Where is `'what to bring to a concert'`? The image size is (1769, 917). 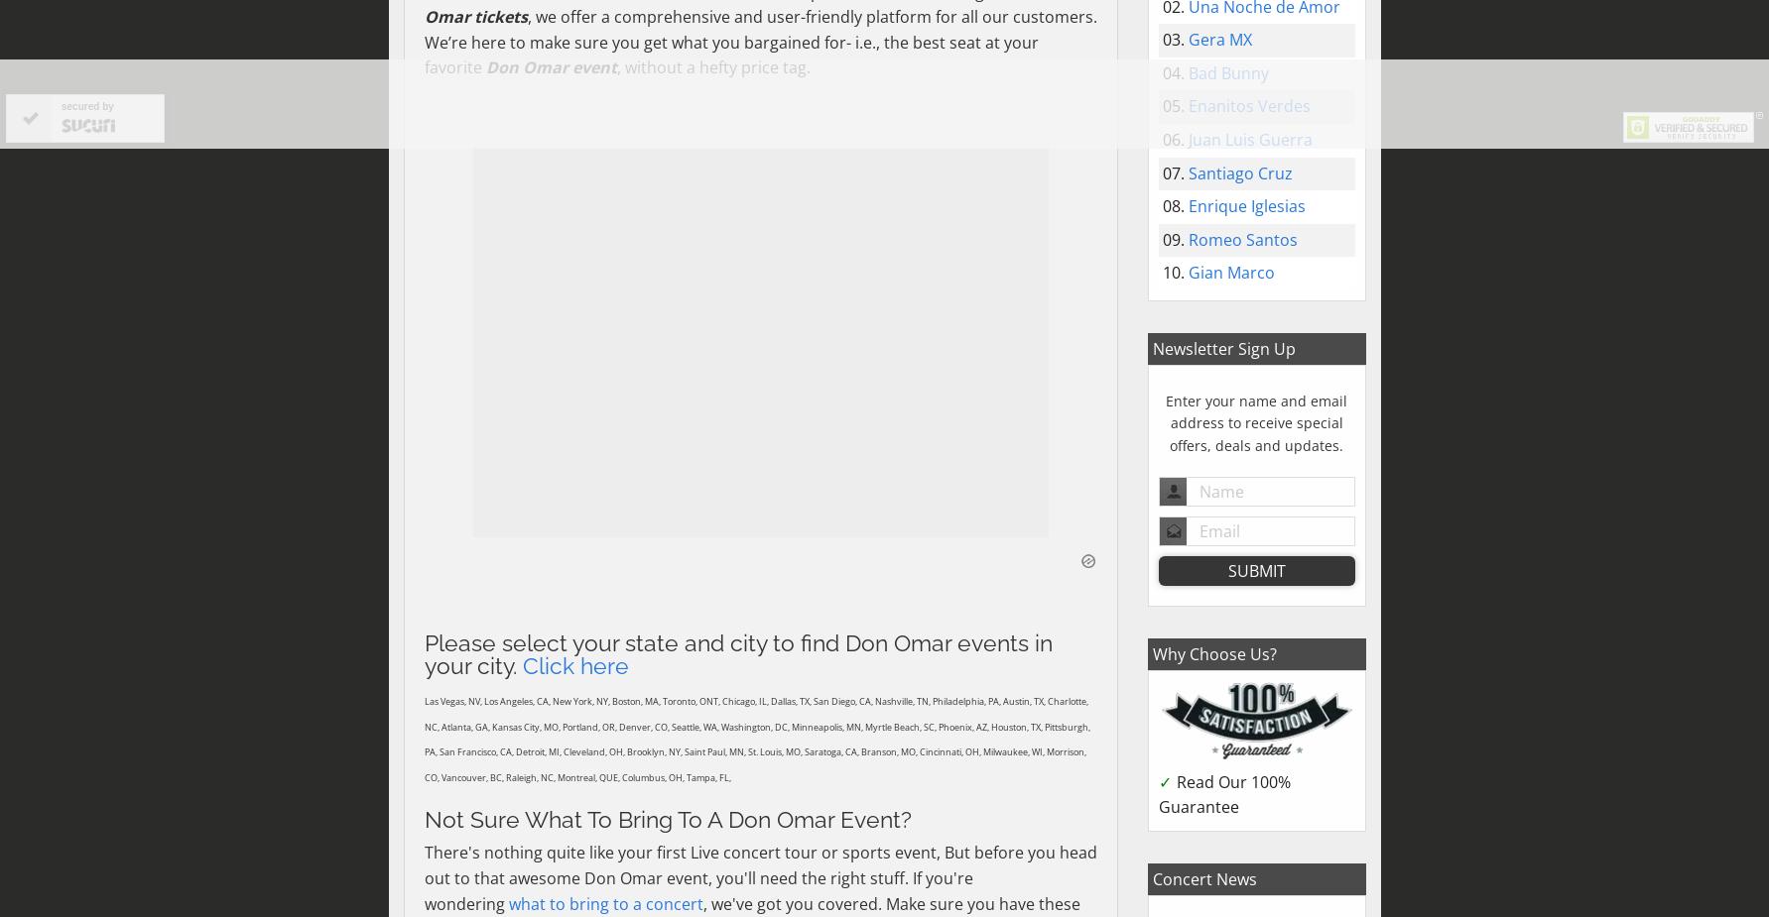 'what to bring to a concert' is located at coordinates (604, 903).